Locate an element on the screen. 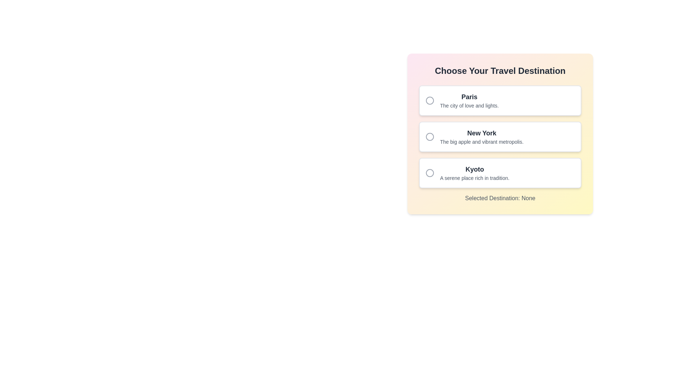 The width and height of the screenshot is (696, 391). the radio button for selecting the 'New York' option in the travel destination selector is located at coordinates (430, 137).